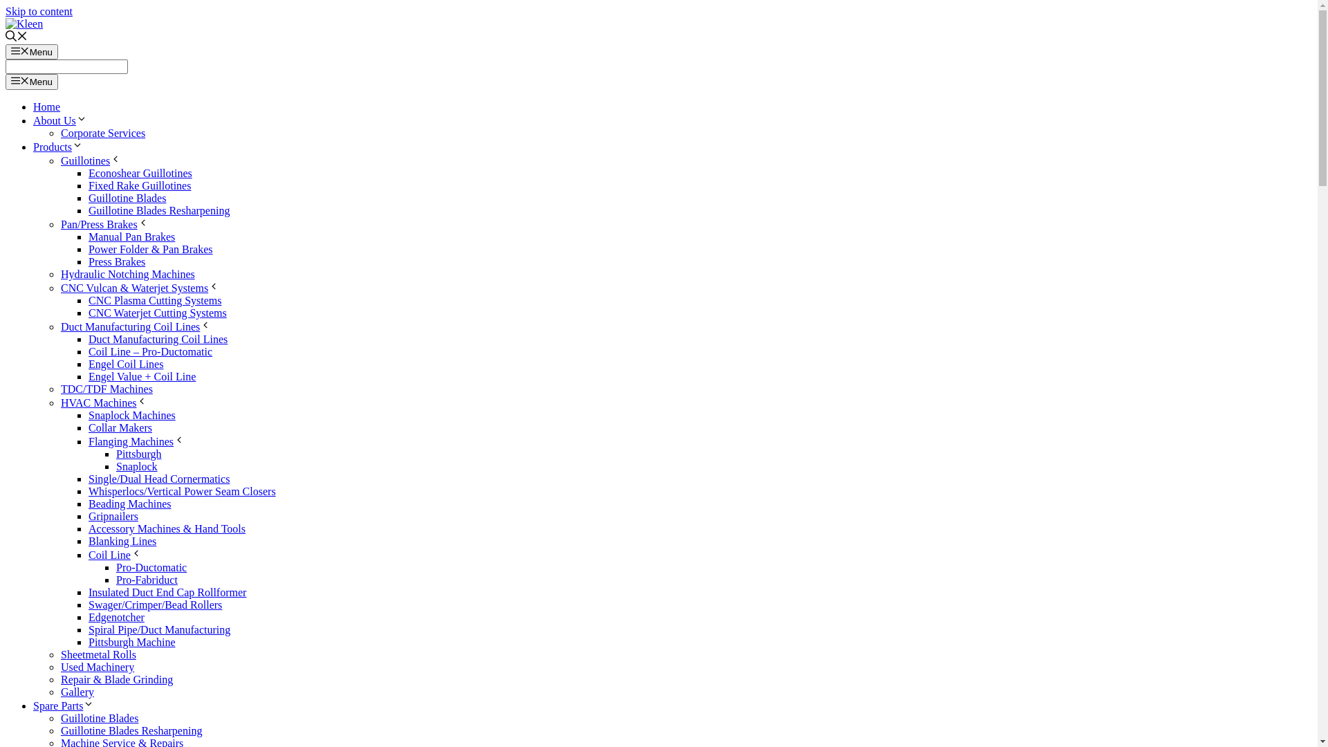  What do you see at coordinates (116, 261) in the screenshot?
I see `'Press Brakes'` at bounding box center [116, 261].